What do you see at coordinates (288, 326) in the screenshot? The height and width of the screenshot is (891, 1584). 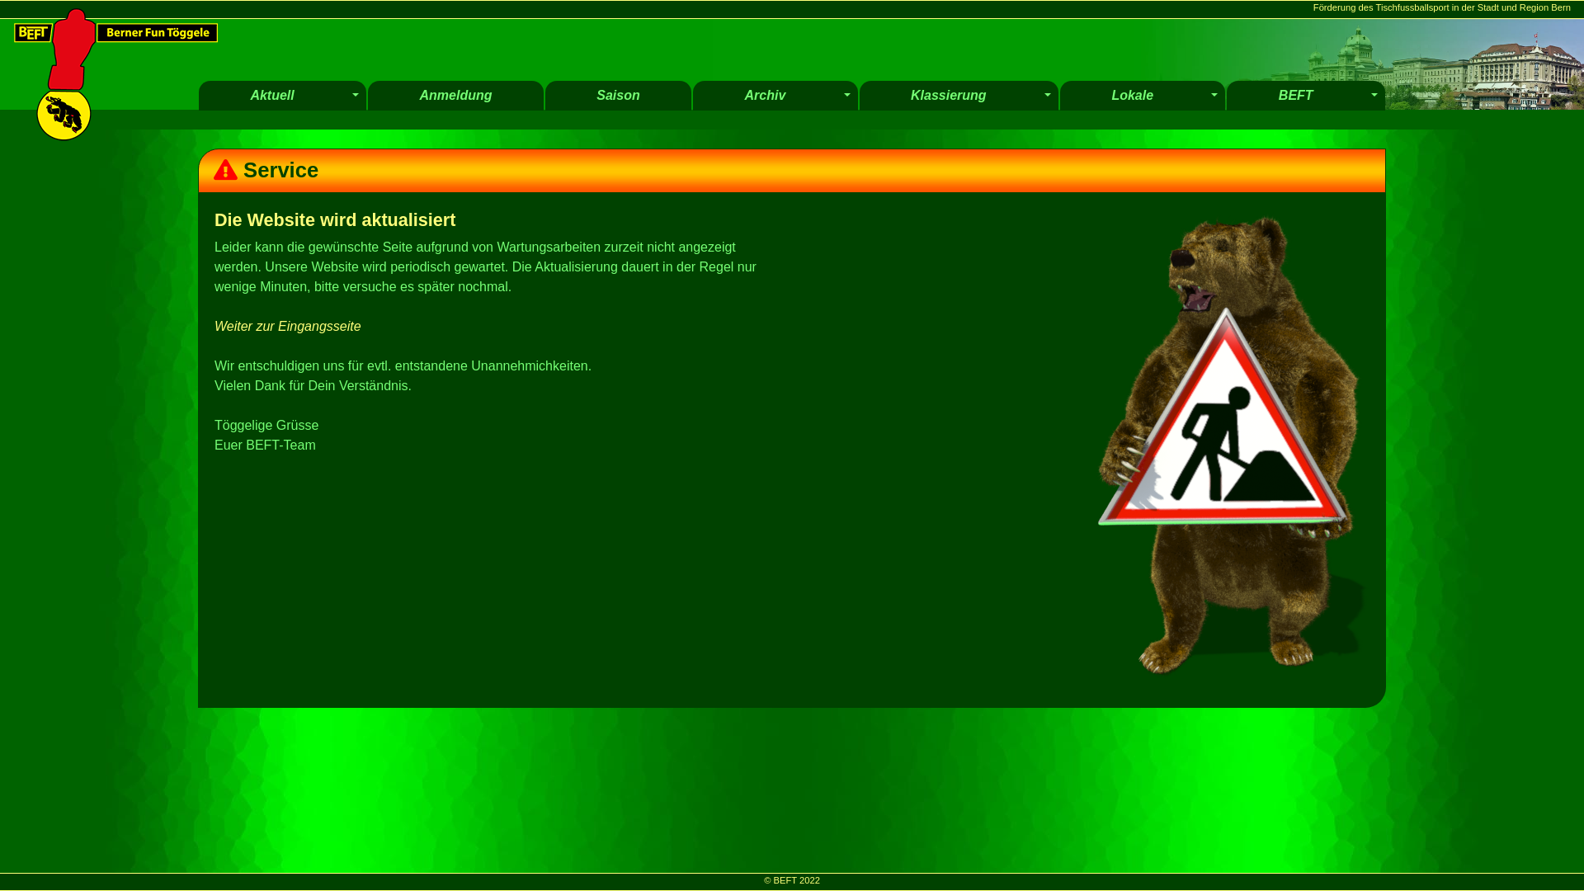 I see `'Weiter zur Eingangsseite'` at bounding box center [288, 326].